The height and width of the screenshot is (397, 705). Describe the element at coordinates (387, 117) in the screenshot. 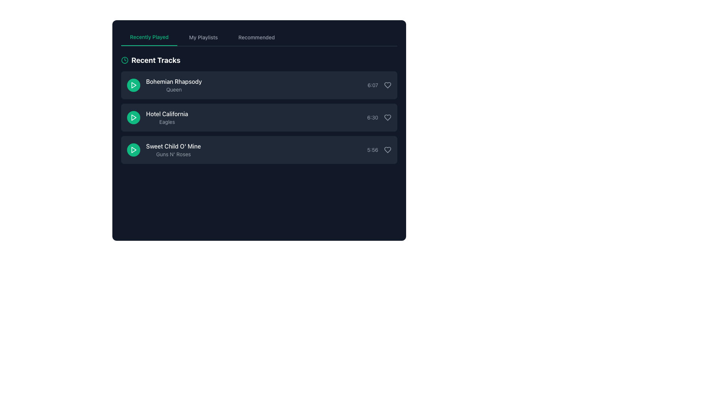

I see `the favorite icon located in the second row of the 'Recent Tracks' section, positioned to the far right adjacent to the time text '6:30'` at that location.